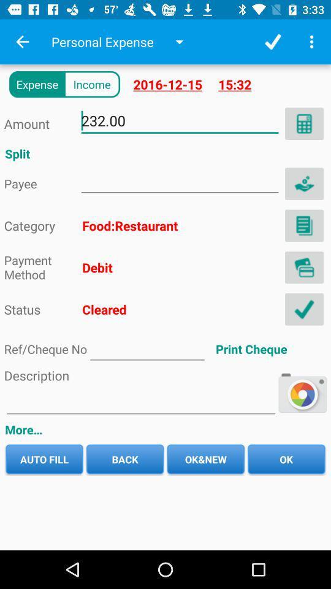 The height and width of the screenshot is (589, 331). Describe the element at coordinates (303, 309) in the screenshot. I see `the check icon` at that location.